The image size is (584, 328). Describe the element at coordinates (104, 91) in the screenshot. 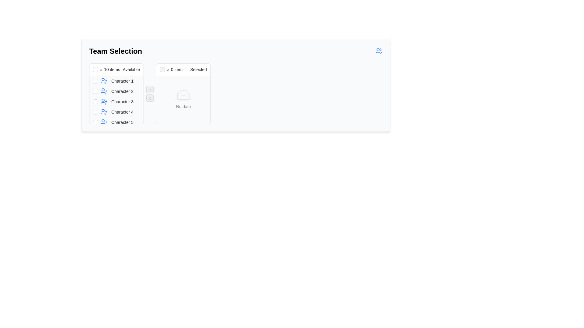

I see `the user icon with a plus symbol in the left panel representing 'Character 2'` at that location.